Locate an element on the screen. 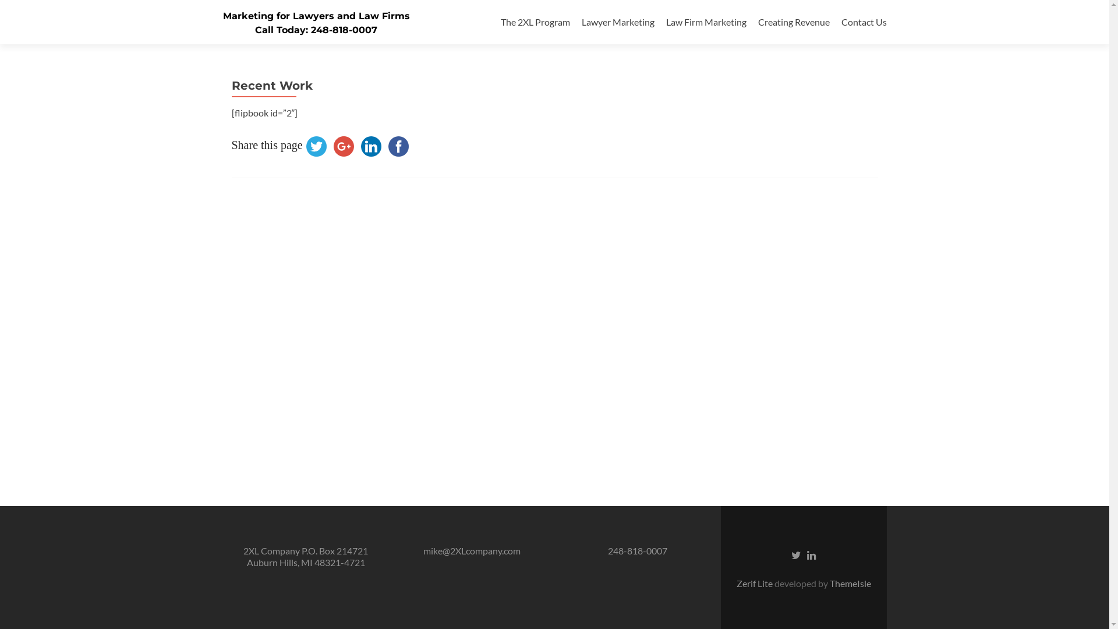  'facebook' is located at coordinates (398, 146).